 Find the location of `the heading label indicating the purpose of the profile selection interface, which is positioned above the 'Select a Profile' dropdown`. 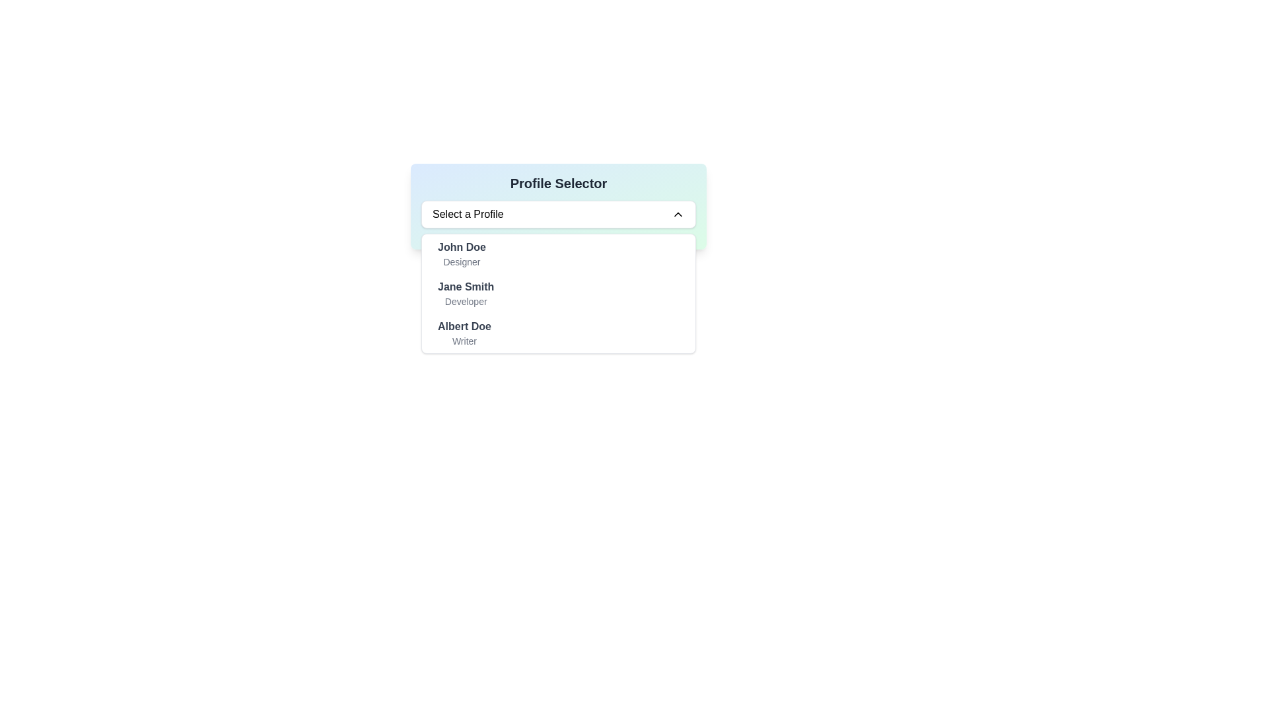

the heading label indicating the purpose of the profile selection interface, which is positioned above the 'Select a Profile' dropdown is located at coordinates (558, 183).